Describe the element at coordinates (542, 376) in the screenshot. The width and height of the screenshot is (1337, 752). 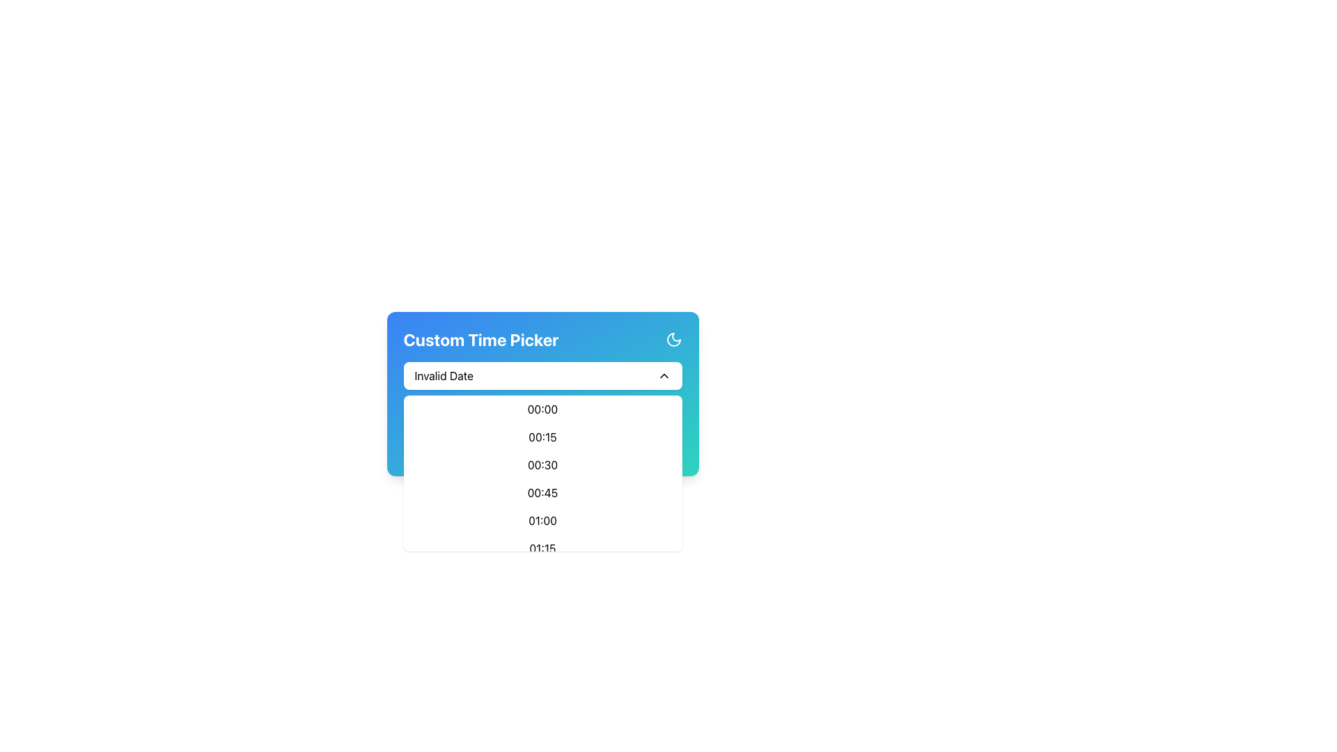
I see `the dropdown menu located below the 'Custom Time Picker' title` at that location.